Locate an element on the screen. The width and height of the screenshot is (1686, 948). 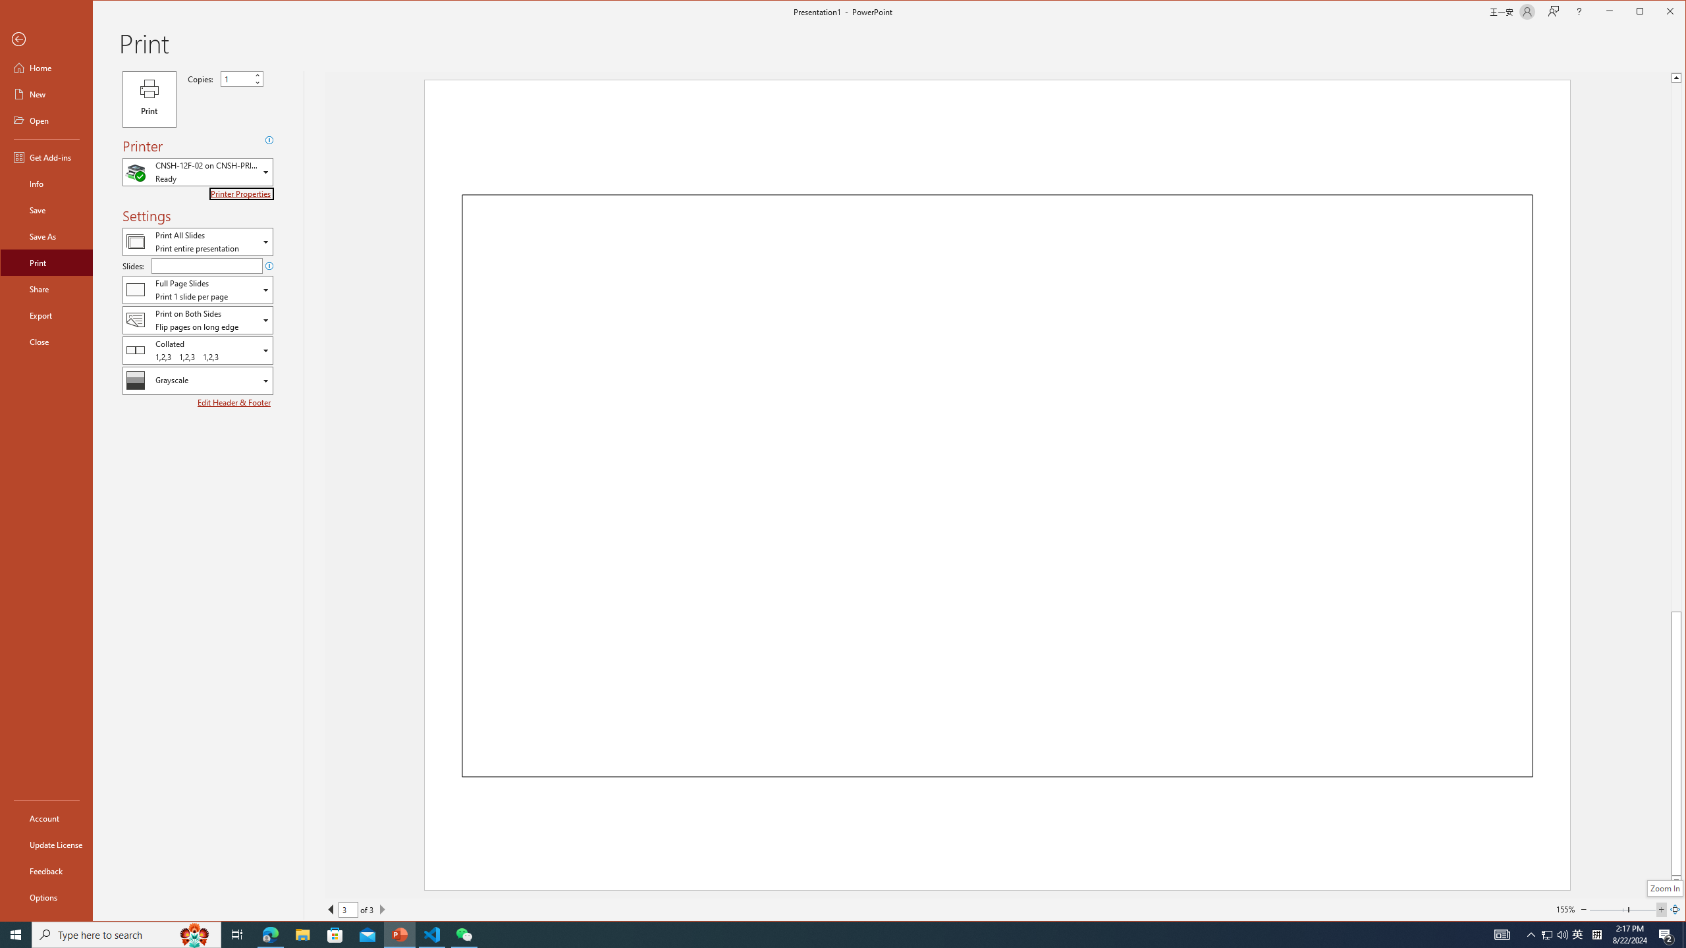
'Back' is located at coordinates (45, 39).